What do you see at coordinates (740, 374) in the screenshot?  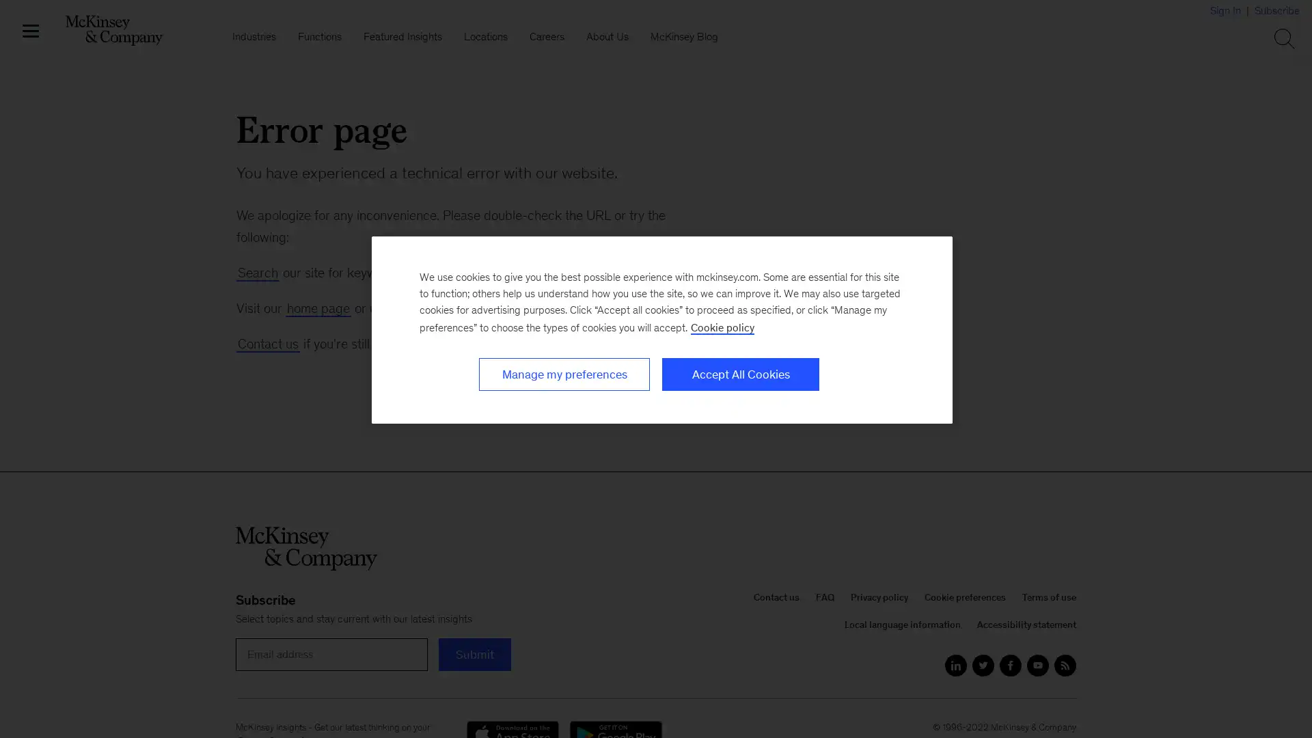 I see `Accept All Cookies` at bounding box center [740, 374].